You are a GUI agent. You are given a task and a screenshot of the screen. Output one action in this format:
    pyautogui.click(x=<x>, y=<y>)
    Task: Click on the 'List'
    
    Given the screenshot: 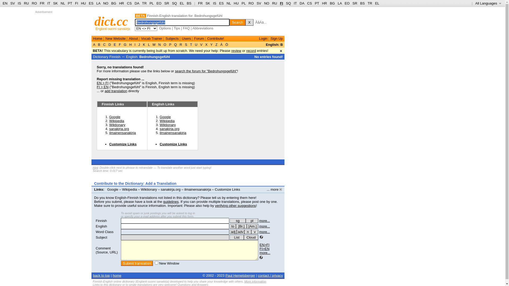 What is the action you would take?
    pyautogui.click(x=229, y=237)
    